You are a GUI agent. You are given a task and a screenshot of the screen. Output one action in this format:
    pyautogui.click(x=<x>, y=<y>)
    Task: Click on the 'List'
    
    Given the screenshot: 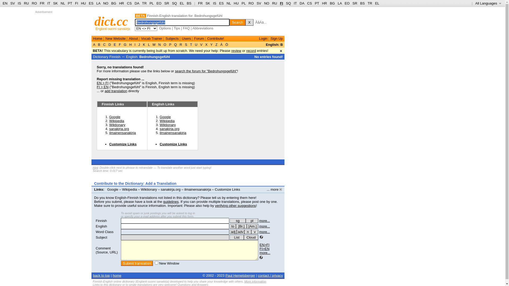 What is the action you would take?
    pyautogui.click(x=229, y=237)
    